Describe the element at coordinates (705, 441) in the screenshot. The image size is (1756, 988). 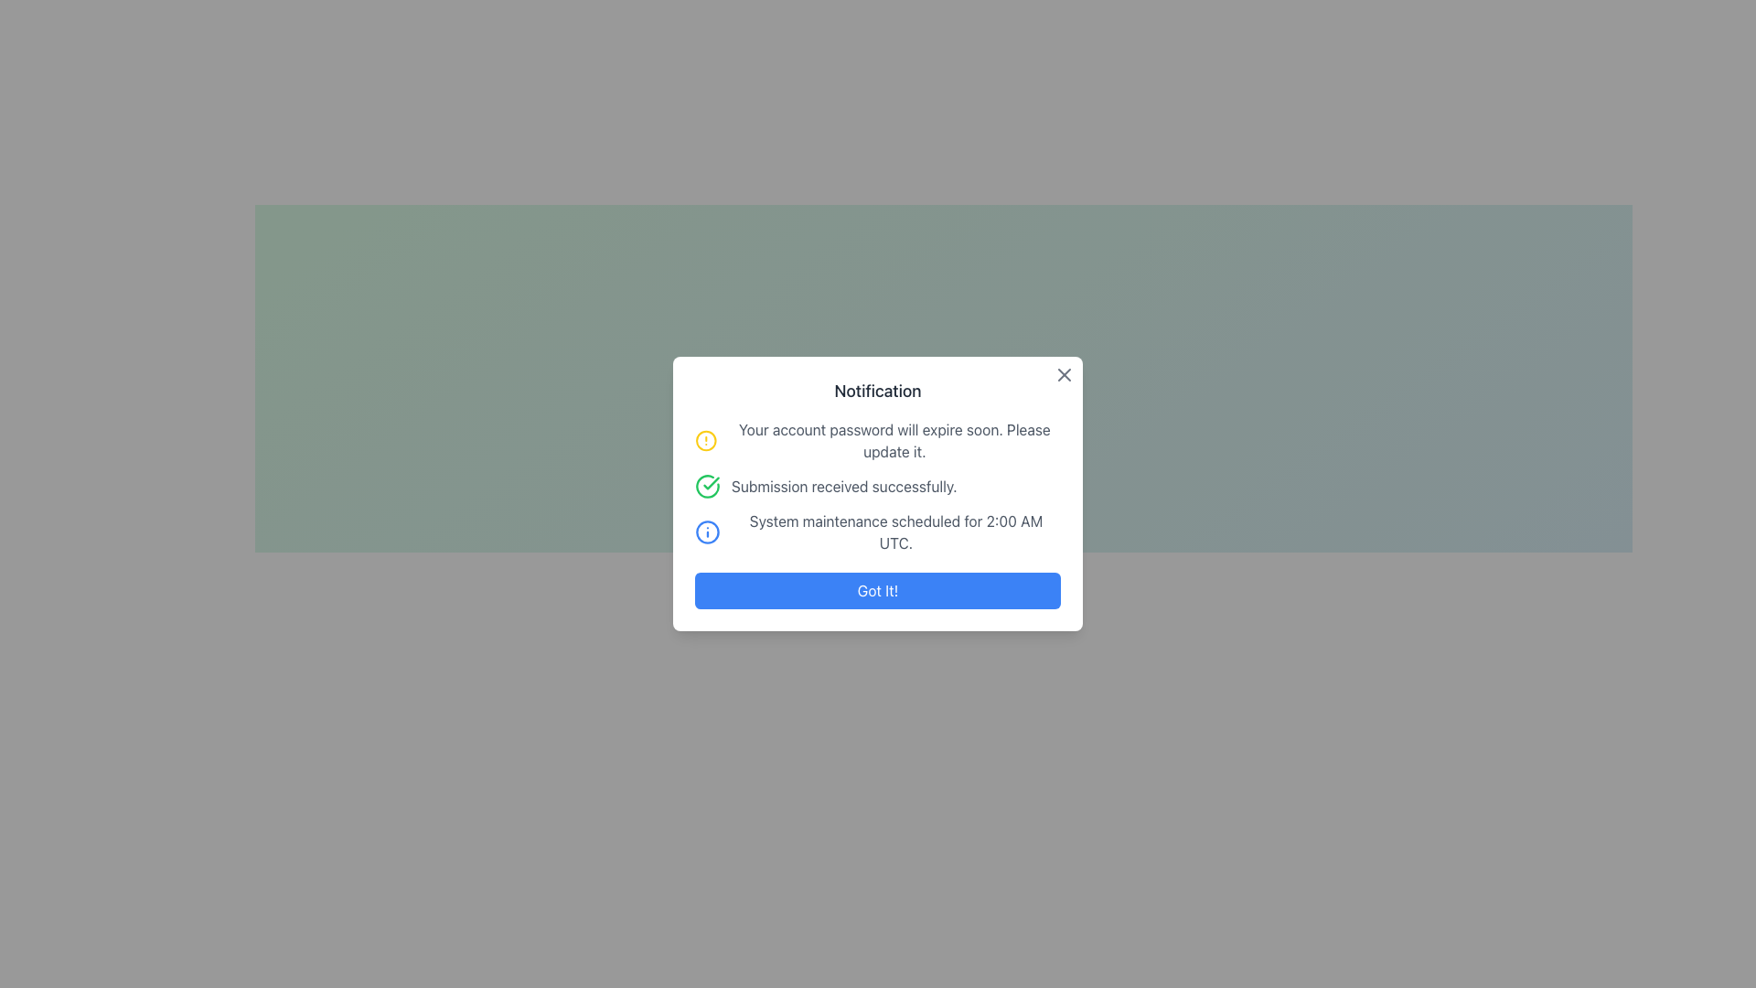
I see `the central circular part of the yellow alert icon located in the notification dialog box, positioned to the left of the message stating, "Your account password will expire soon. Please update it."` at that location.